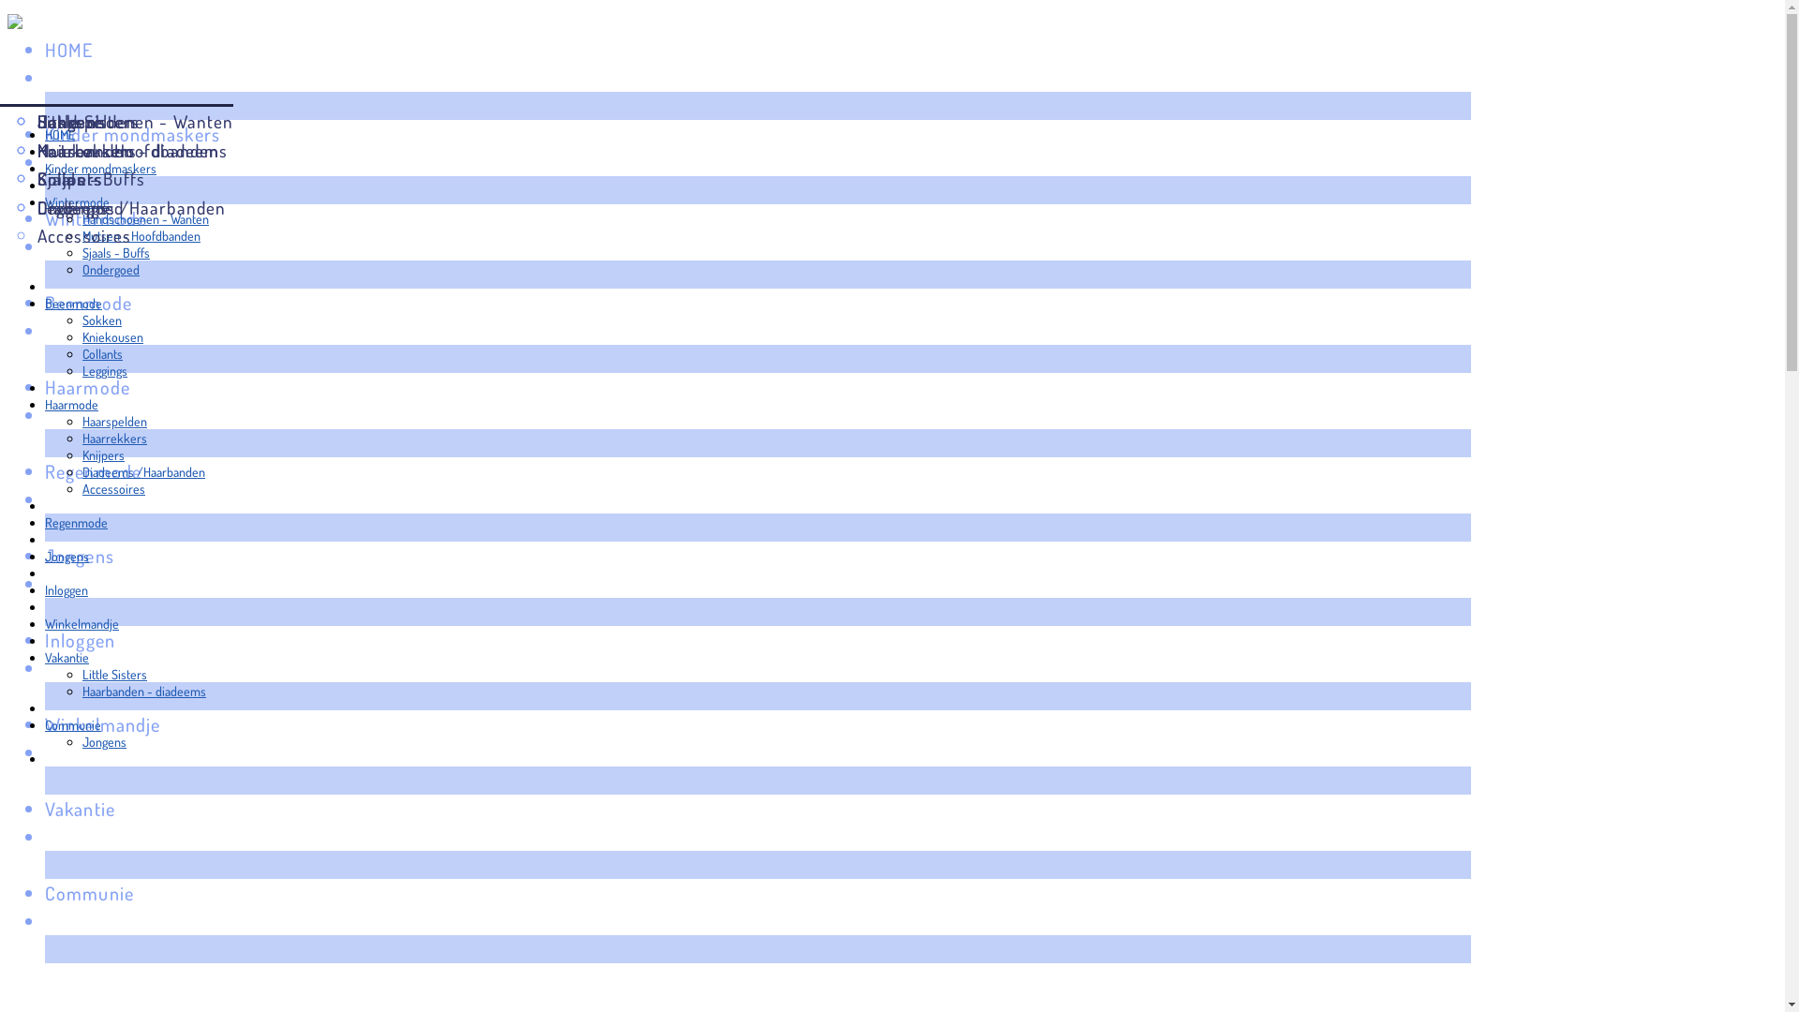  Describe the element at coordinates (115, 251) in the screenshot. I see `'Sjaals - Buffs'` at that location.